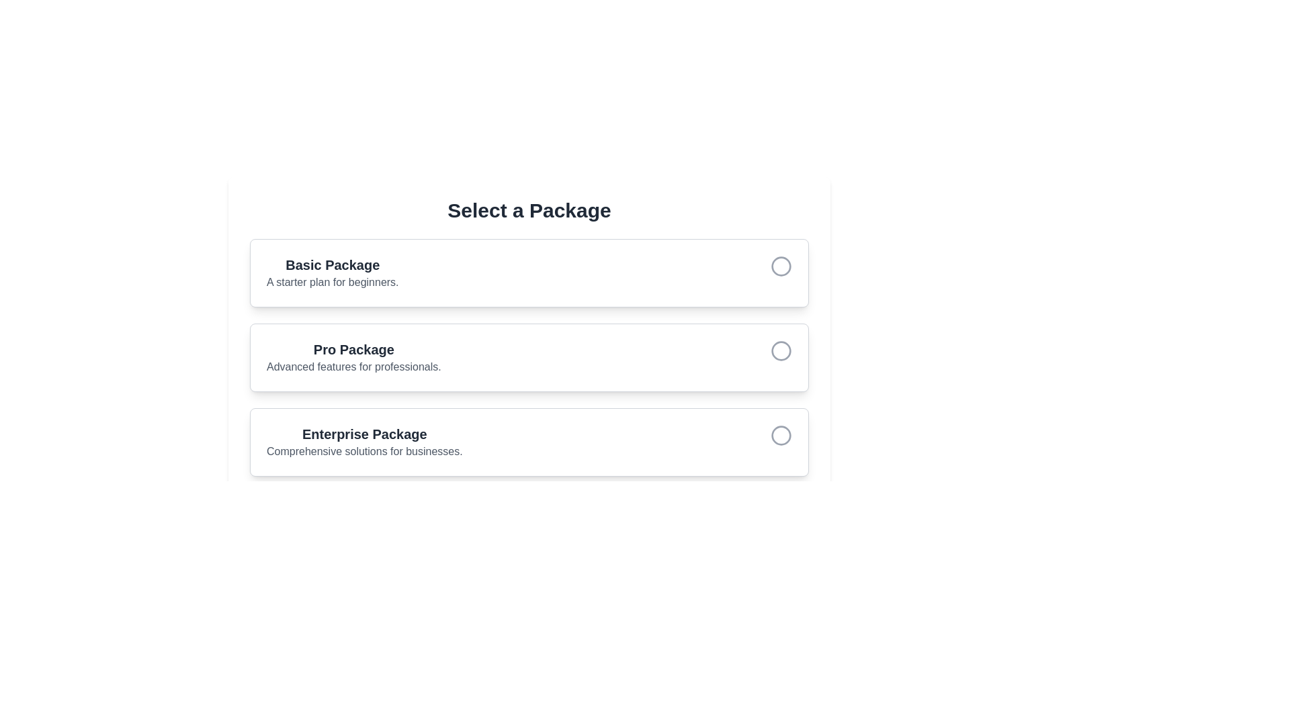  I want to click on the circular selection marker icon with a gray border located on the right side of the 'Pro Package' section, so click(781, 356).